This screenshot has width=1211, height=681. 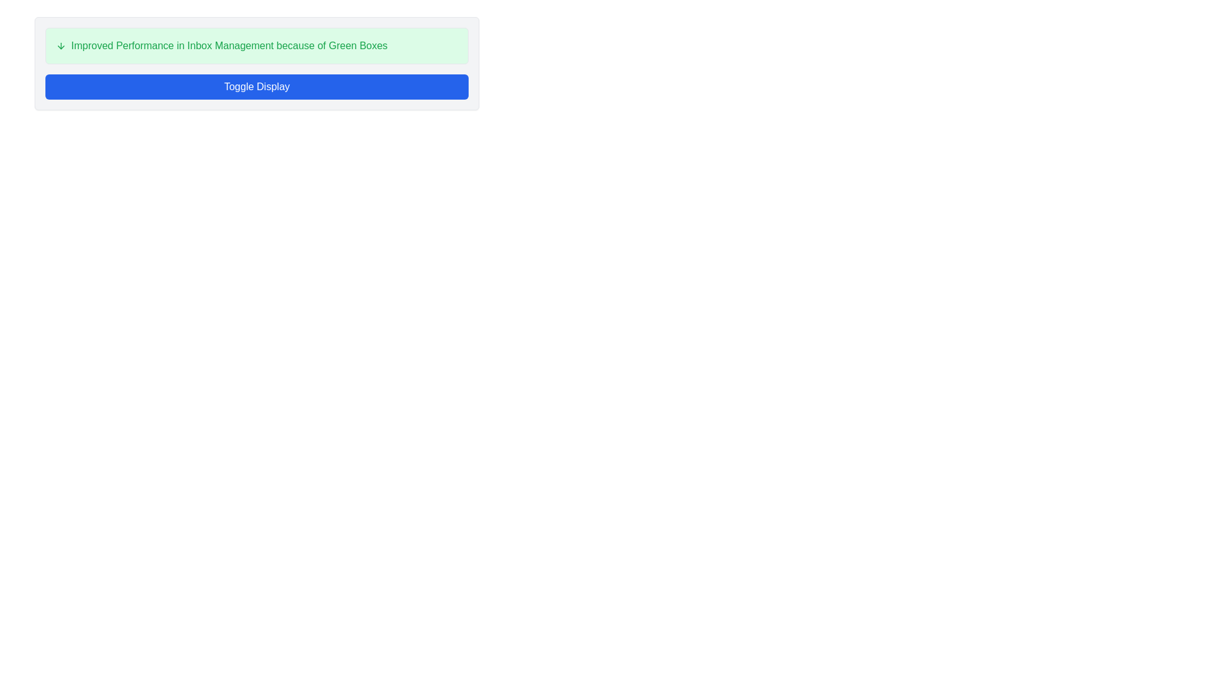 I want to click on contained elements of the notification area which includes a green notification box and a blue toggle button located at the specified coordinates, so click(x=256, y=63).